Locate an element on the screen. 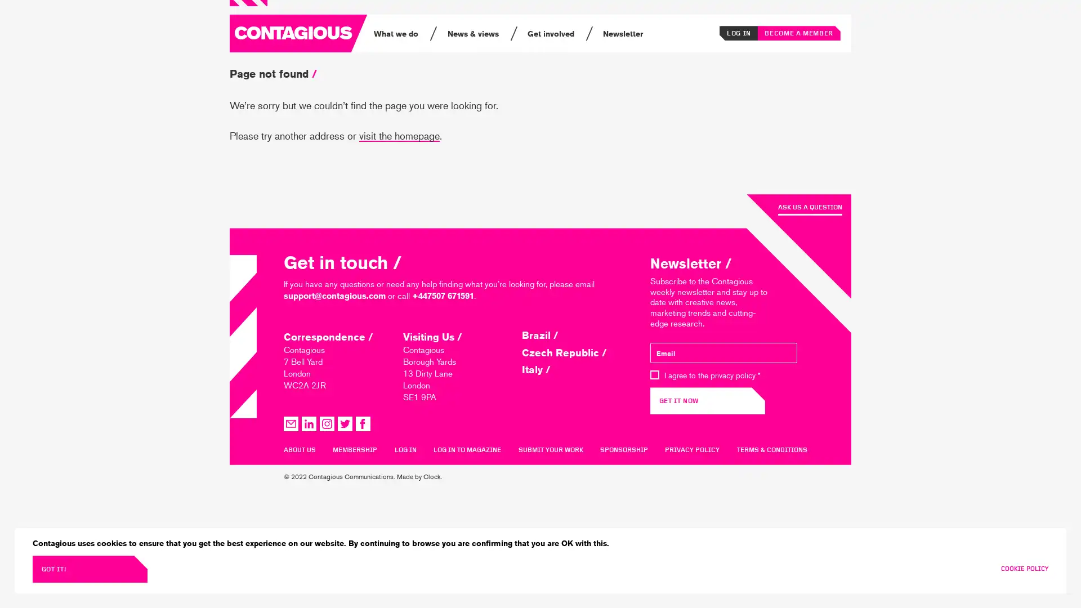 The image size is (1081, 608). GOT IT! is located at coordinates (89, 569).